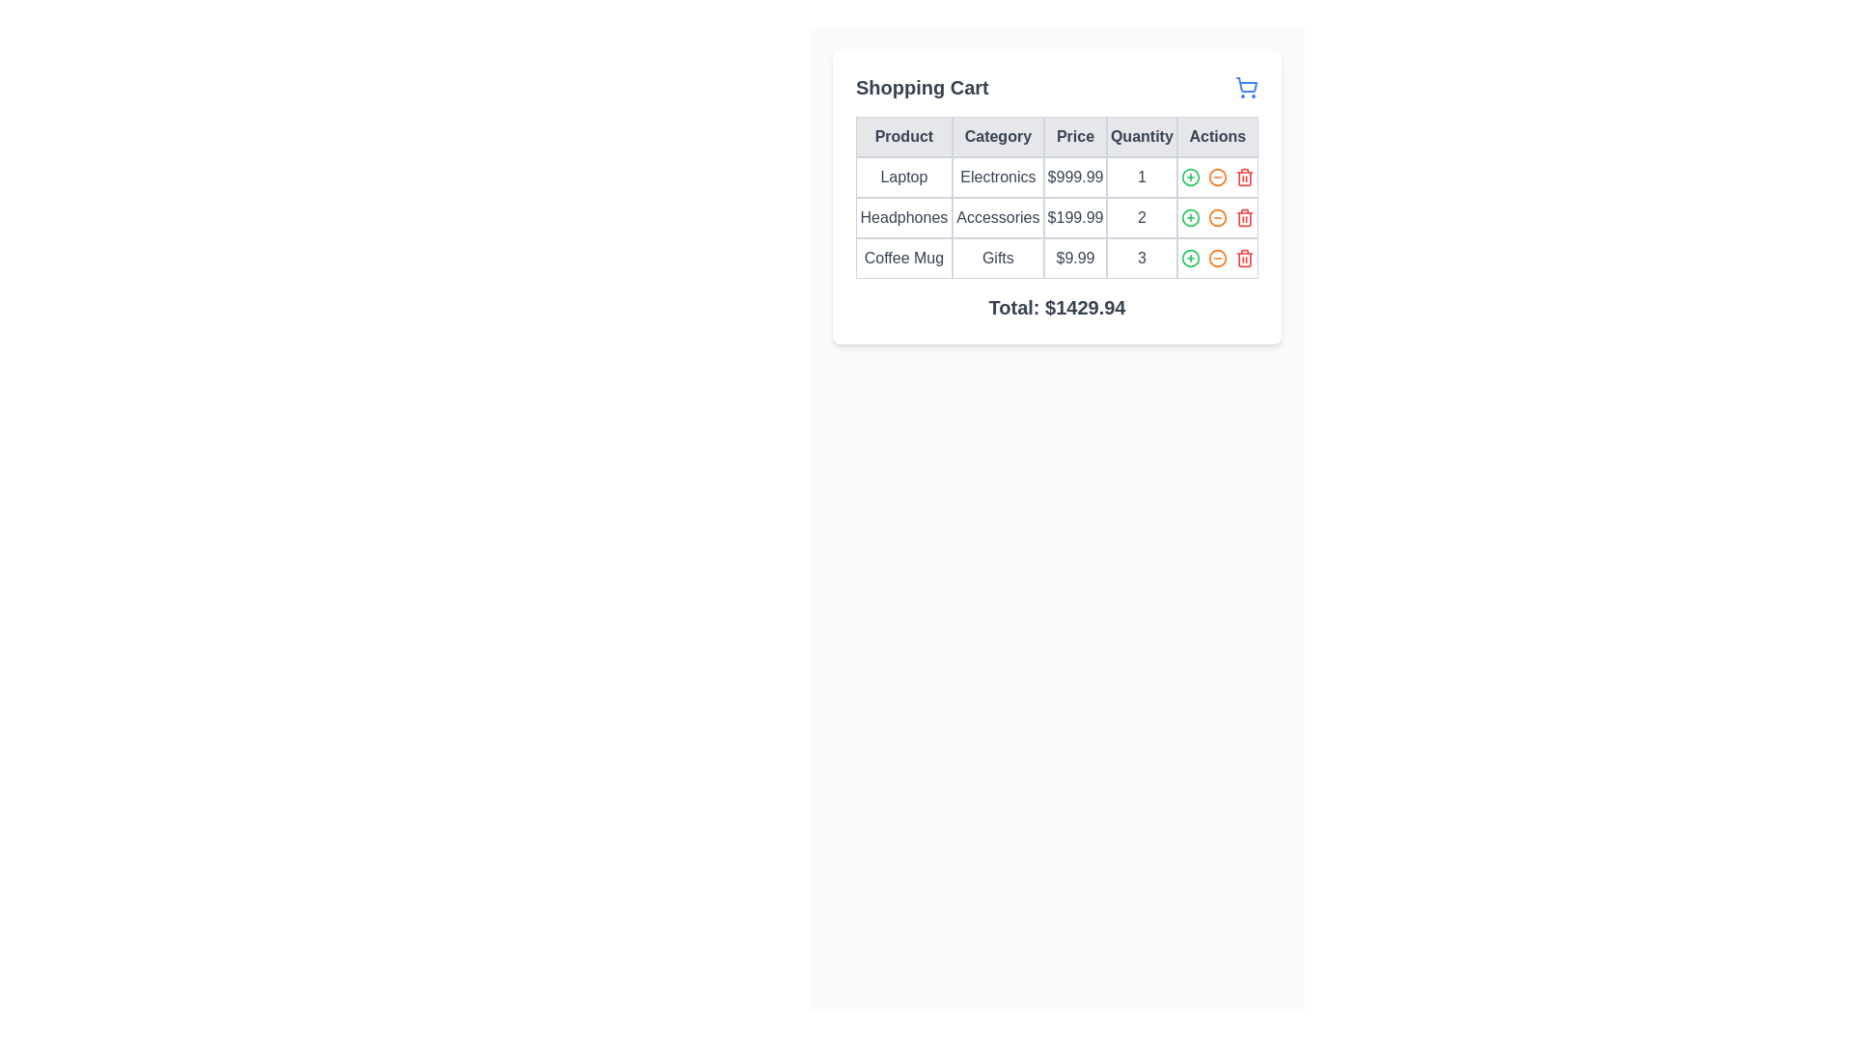 This screenshot has width=1853, height=1042. What do you see at coordinates (1216, 136) in the screenshot?
I see `the Table header cell for the 'Actions' column, which is the fifth column in the header row of the table` at bounding box center [1216, 136].